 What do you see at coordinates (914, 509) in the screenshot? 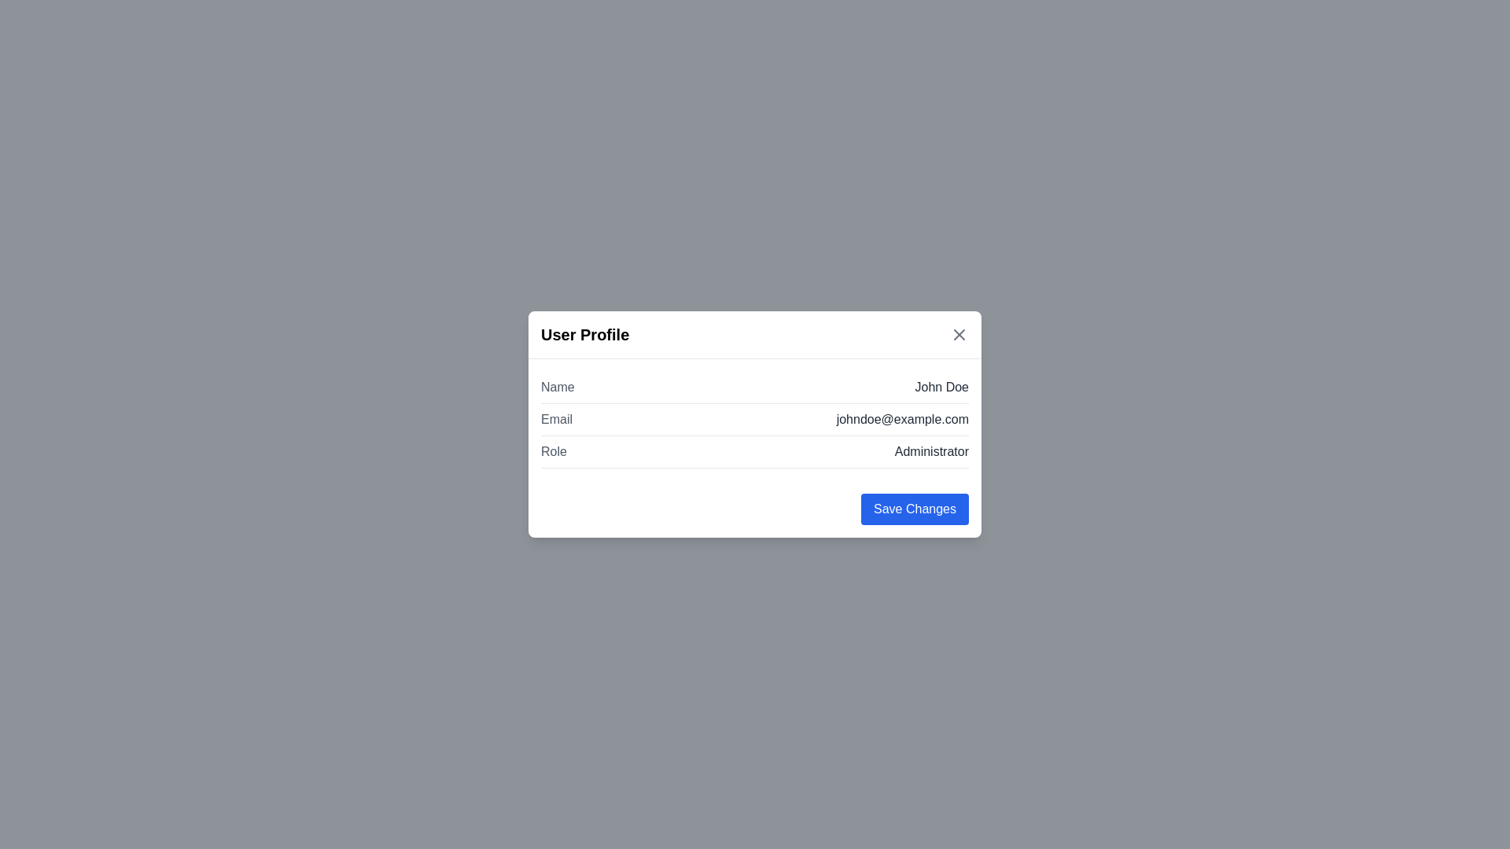
I see `the 'Save Changes' button to save the changes` at bounding box center [914, 509].